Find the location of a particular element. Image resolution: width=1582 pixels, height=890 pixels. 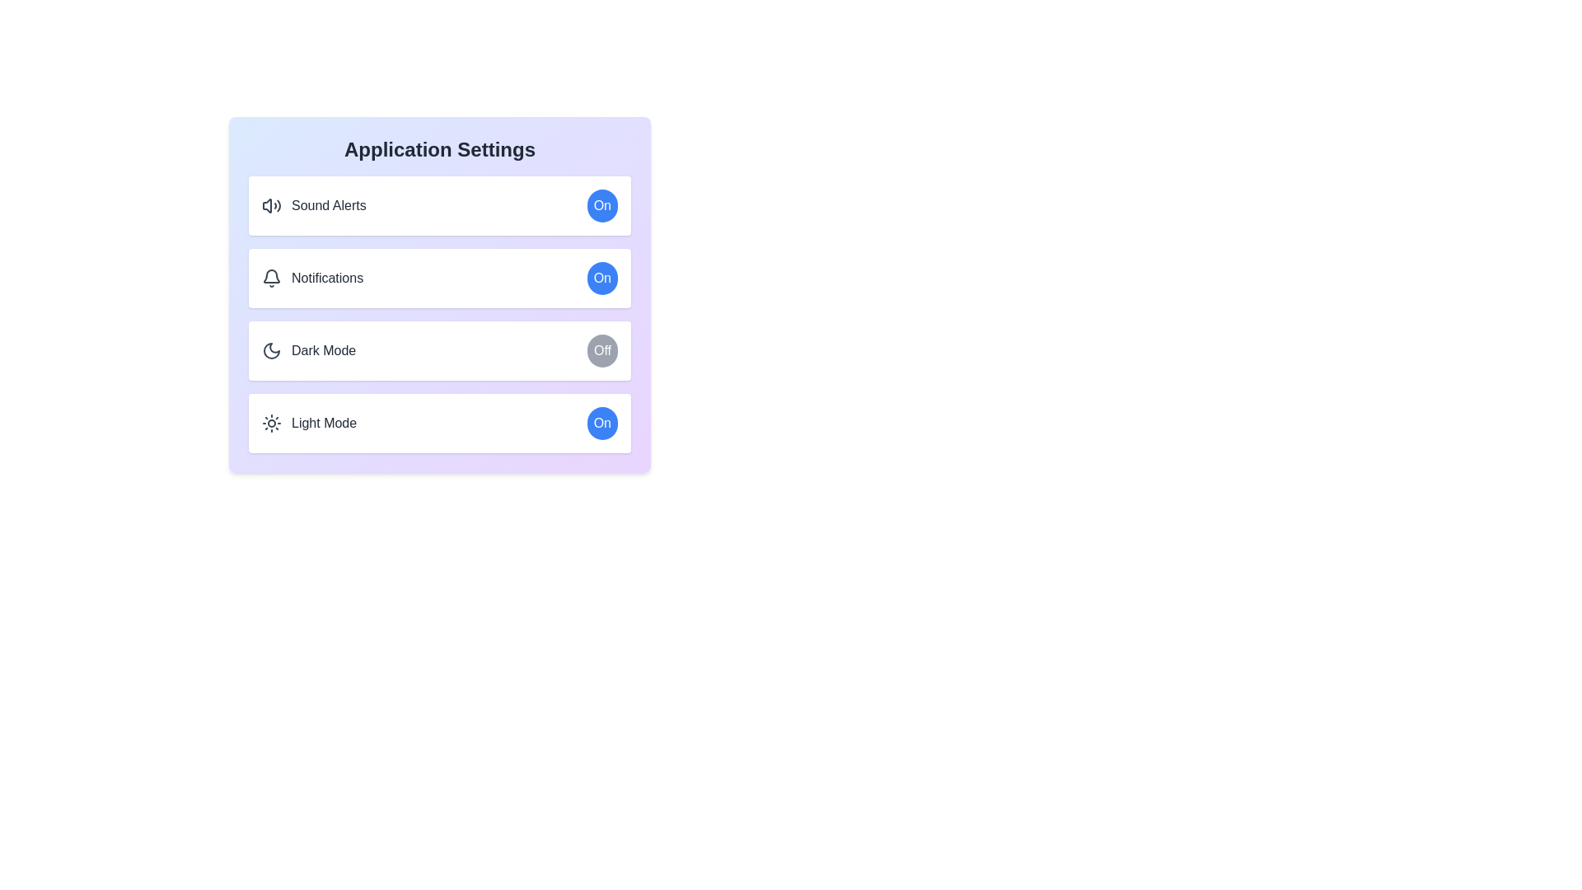

the circular toggle button with a blue background and white text reading 'On', located on the far right of the 'Sound Alerts' label in the settings list for keyboard-based actions is located at coordinates (601, 205).